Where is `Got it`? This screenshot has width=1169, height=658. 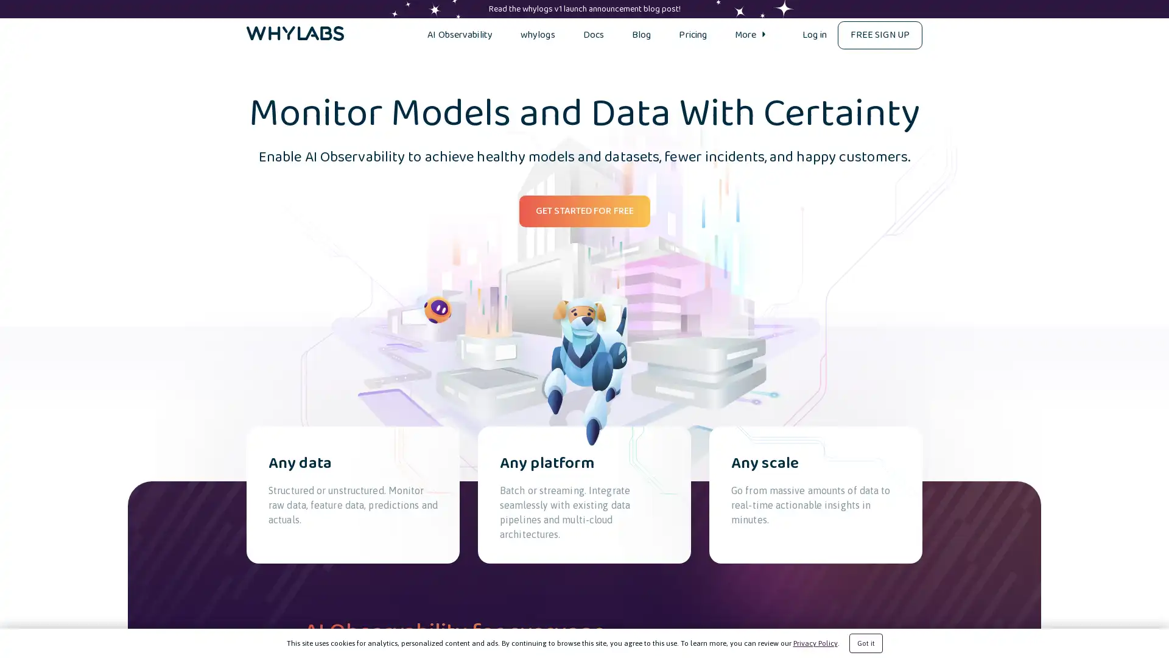
Got it is located at coordinates (865, 643).